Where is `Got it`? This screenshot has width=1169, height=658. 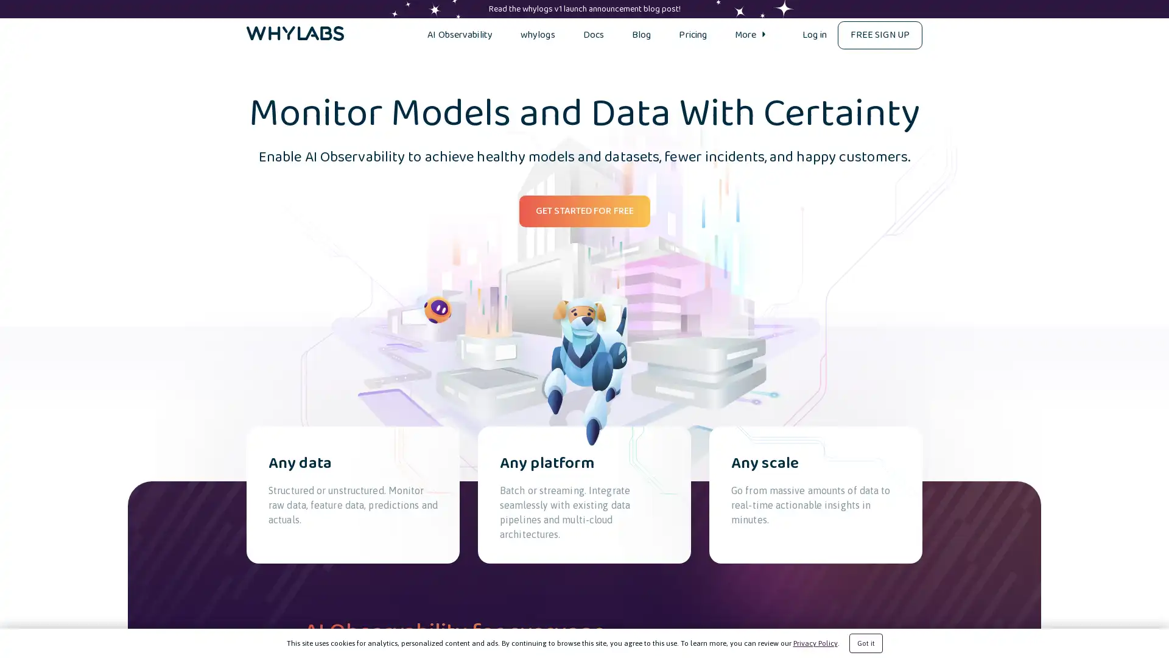
Got it is located at coordinates (865, 643).